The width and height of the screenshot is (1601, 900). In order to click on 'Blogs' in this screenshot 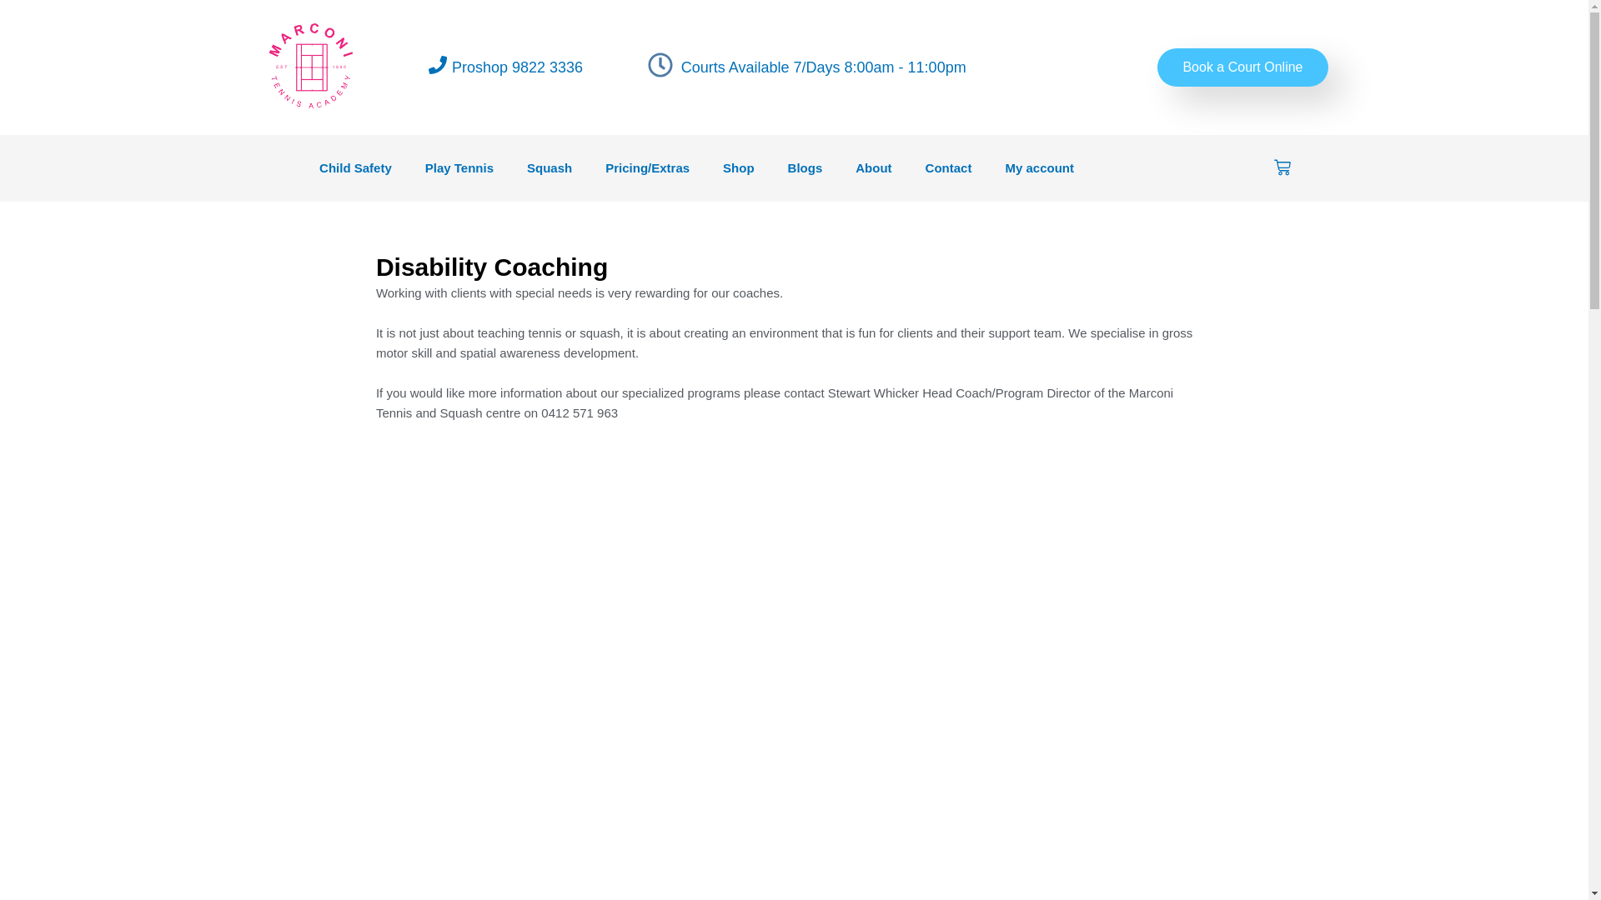, I will do `click(770, 167)`.